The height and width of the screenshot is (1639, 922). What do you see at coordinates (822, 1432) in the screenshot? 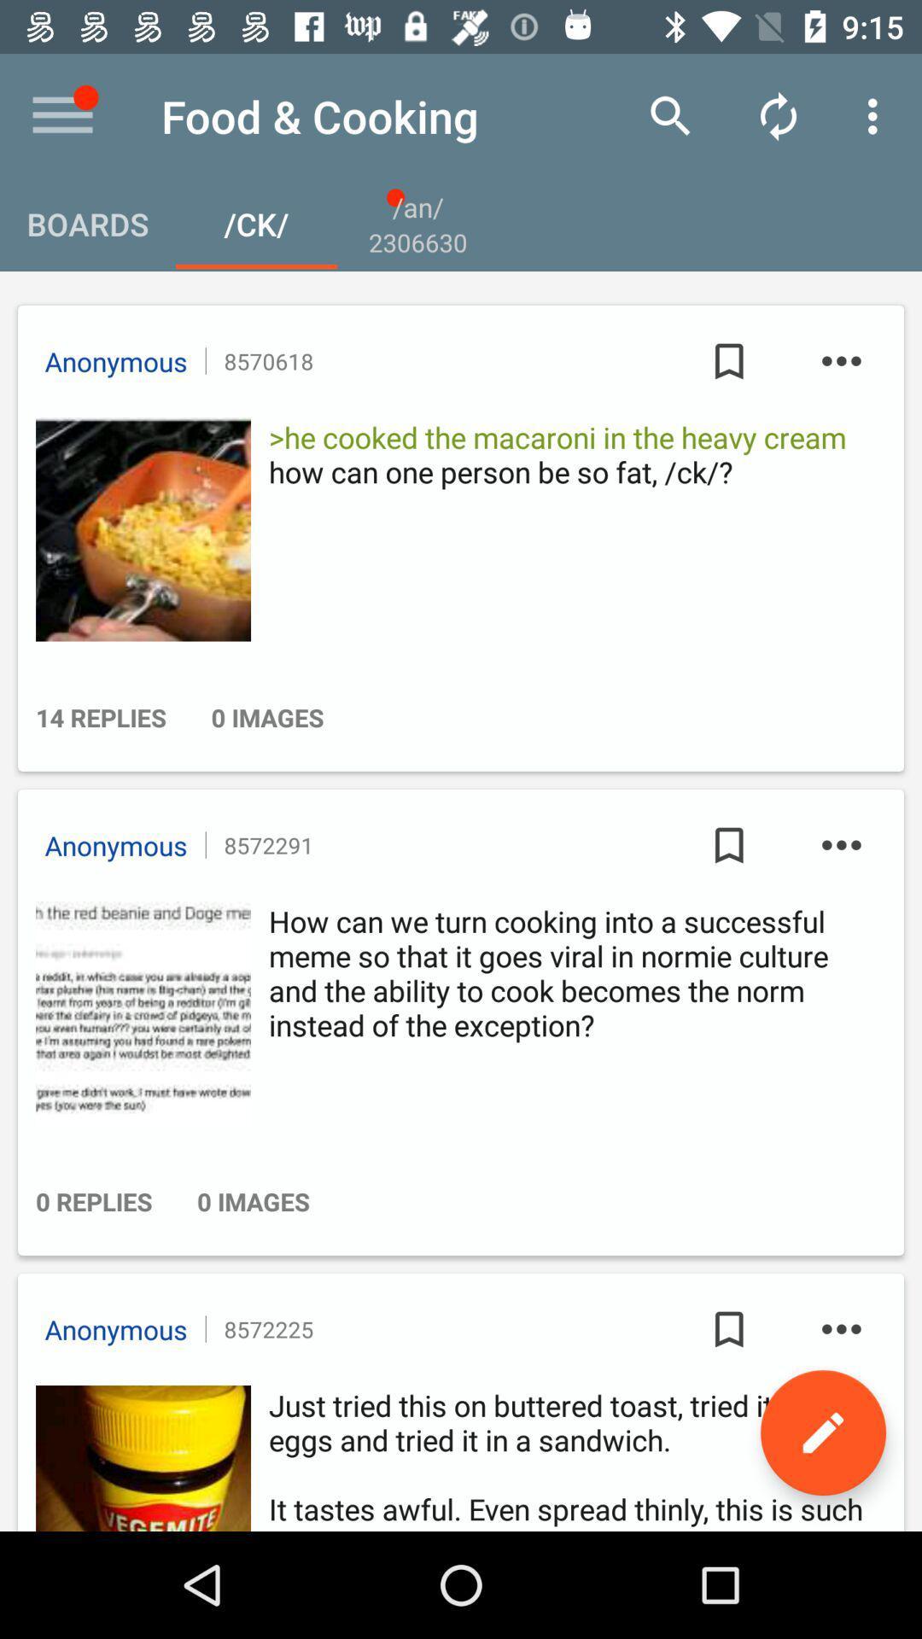
I see `the edit icon` at bounding box center [822, 1432].